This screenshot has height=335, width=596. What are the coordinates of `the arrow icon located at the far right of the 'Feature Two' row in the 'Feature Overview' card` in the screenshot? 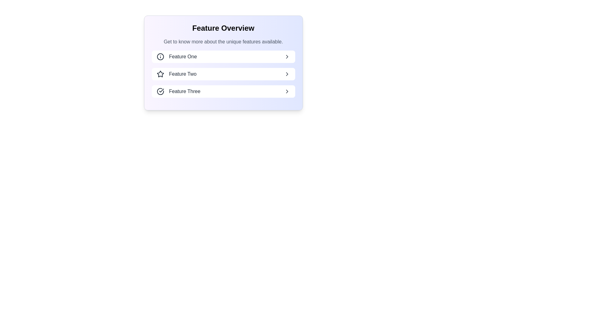 It's located at (287, 74).